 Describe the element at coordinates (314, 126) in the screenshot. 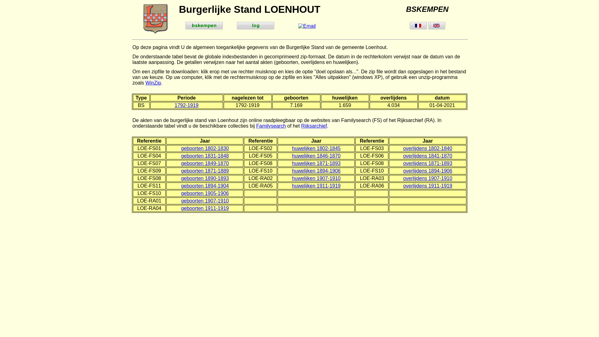

I see `'Rijksarchief'` at that location.